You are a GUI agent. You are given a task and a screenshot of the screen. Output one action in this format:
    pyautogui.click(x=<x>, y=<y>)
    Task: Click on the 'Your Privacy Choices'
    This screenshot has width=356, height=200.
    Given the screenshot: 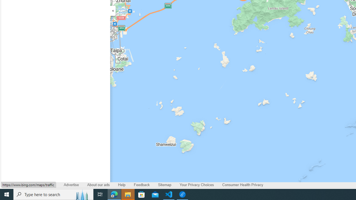 What is the action you would take?
    pyautogui.click(x=197, y=185)
    